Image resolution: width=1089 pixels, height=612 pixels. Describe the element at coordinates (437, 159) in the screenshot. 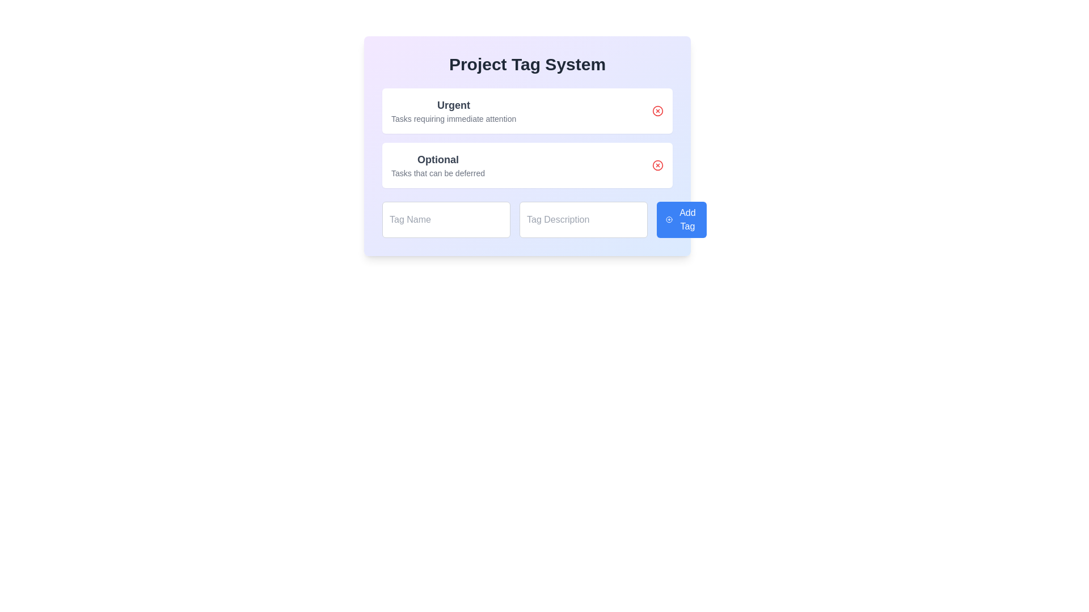

I see `the text label that designates tasks that are not urgent and can be deferred` at that location.